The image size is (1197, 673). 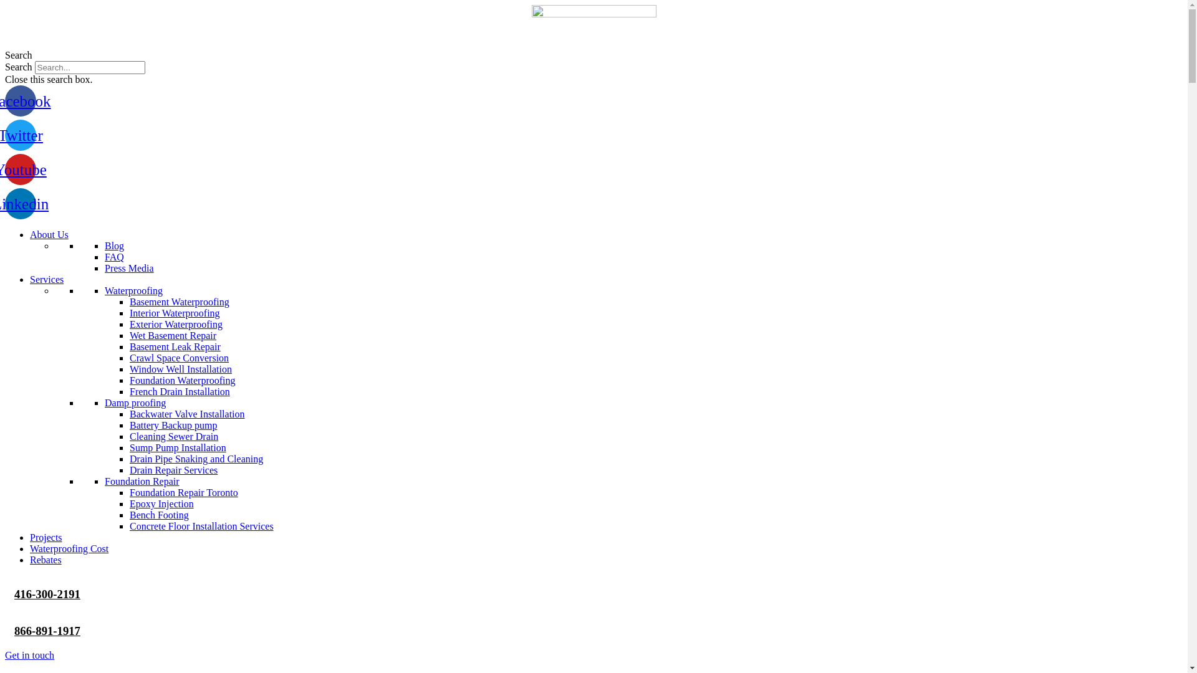 What do you see at coordinates (186, 414) in the screenshot?
I see `'Backwater Valve Installation'` at bounding box center [186, 414].